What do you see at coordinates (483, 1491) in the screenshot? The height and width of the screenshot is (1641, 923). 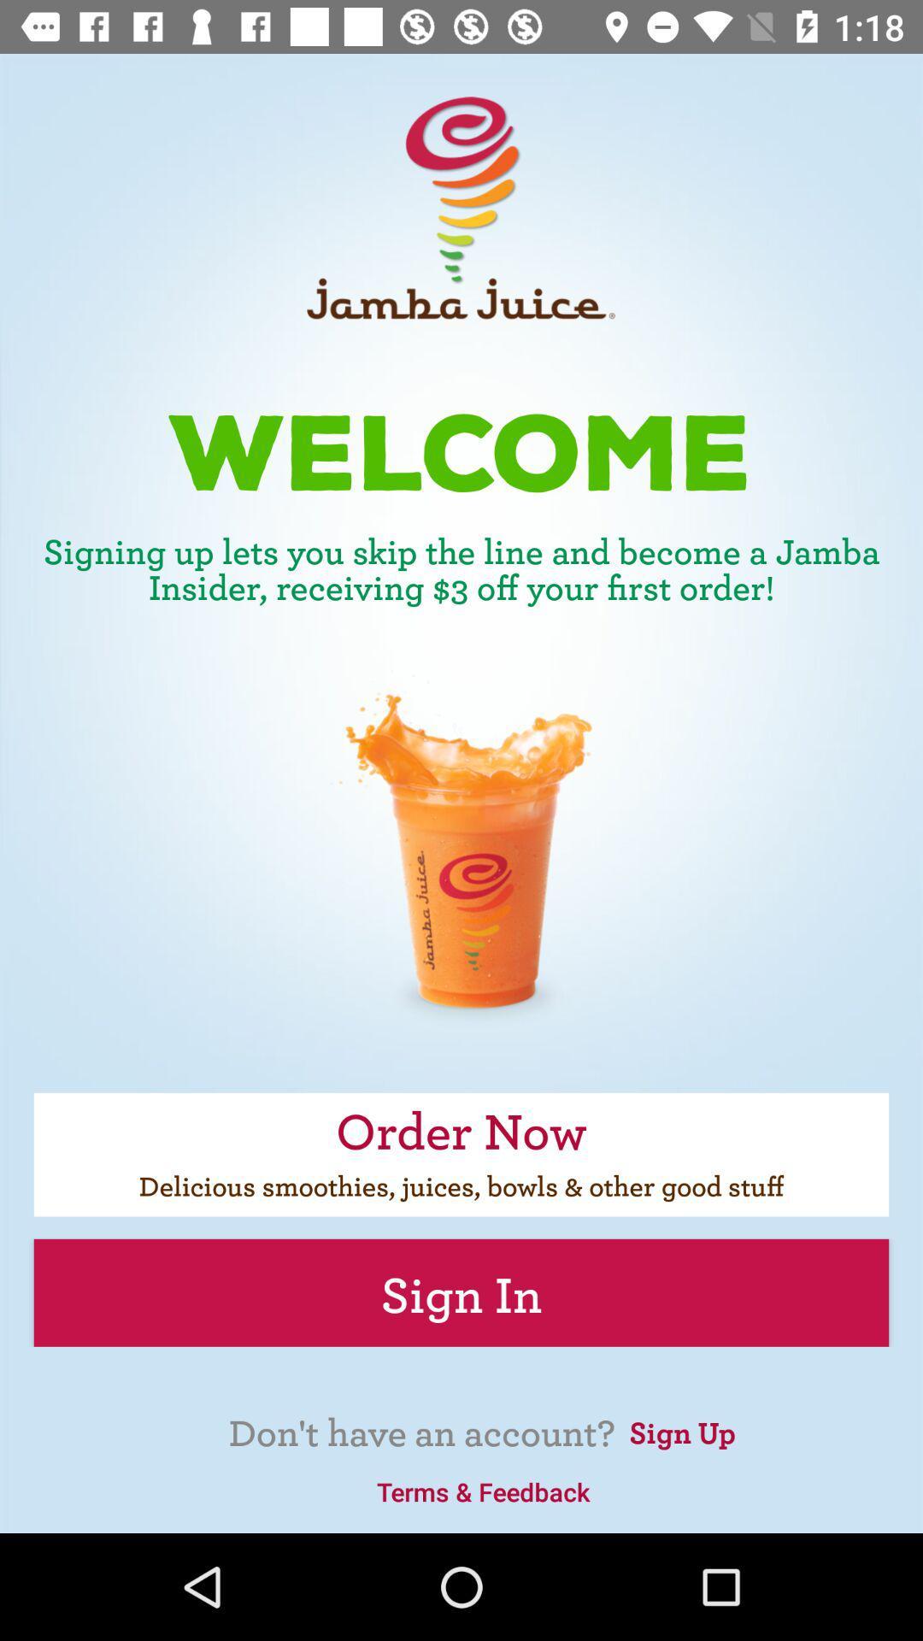 I see `the item to the left of the sign up icon` at bounding box center [483, 1491].